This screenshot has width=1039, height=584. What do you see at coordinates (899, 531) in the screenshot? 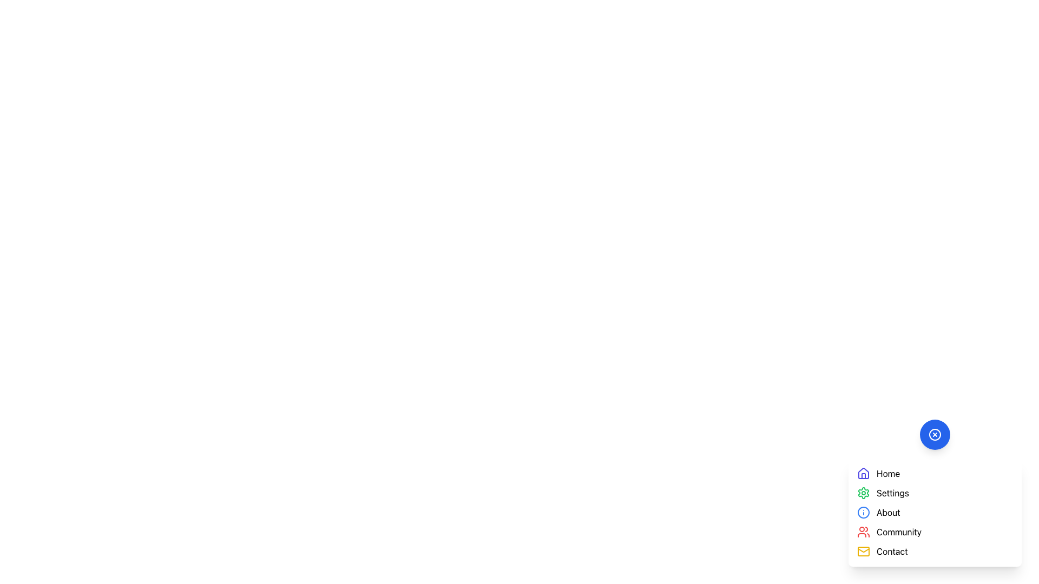
I see `the 'Community' text label in the vertical menu list` at bounding box center [899, 531].